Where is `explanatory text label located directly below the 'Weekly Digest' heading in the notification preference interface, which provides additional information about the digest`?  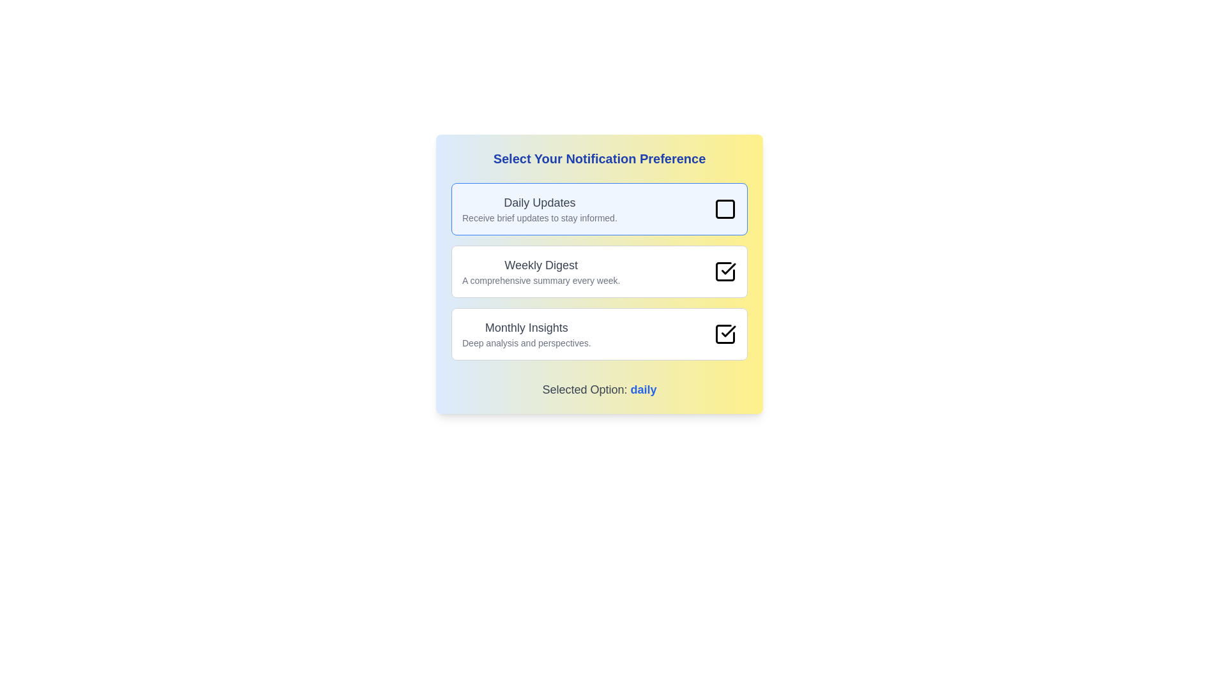 explanatory text label located directly below the 'Weekly Digest' heading in the notification preference interface, which provides additional information about the digest is located at coordinates (541, 279).